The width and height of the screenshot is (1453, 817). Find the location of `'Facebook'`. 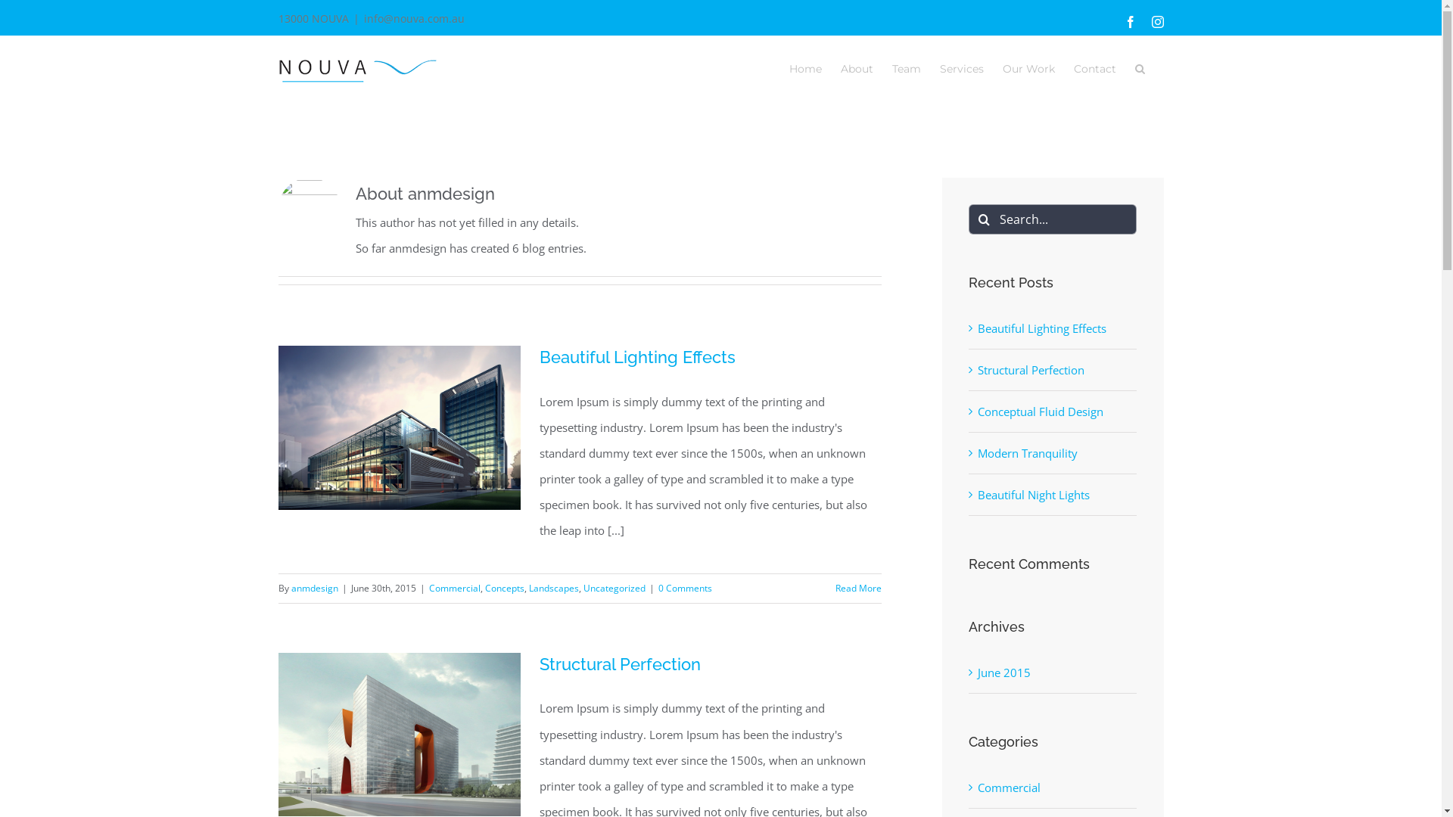

'Facebook' is located at coordinates (1130, 20).